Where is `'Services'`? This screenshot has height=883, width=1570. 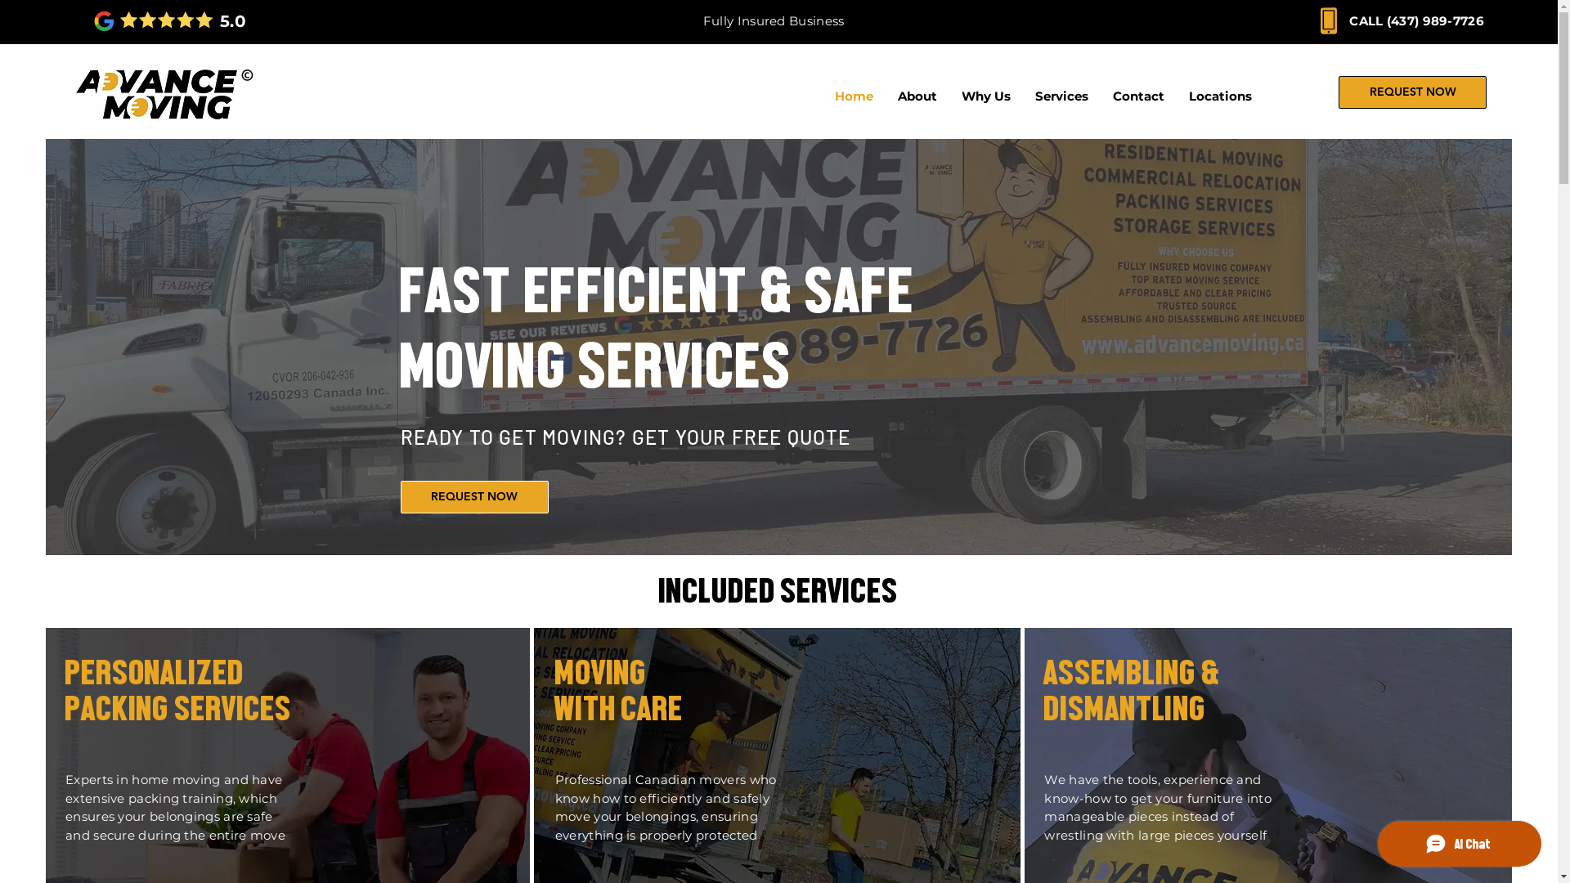
'Services' is located at coordinates (1022, 96).